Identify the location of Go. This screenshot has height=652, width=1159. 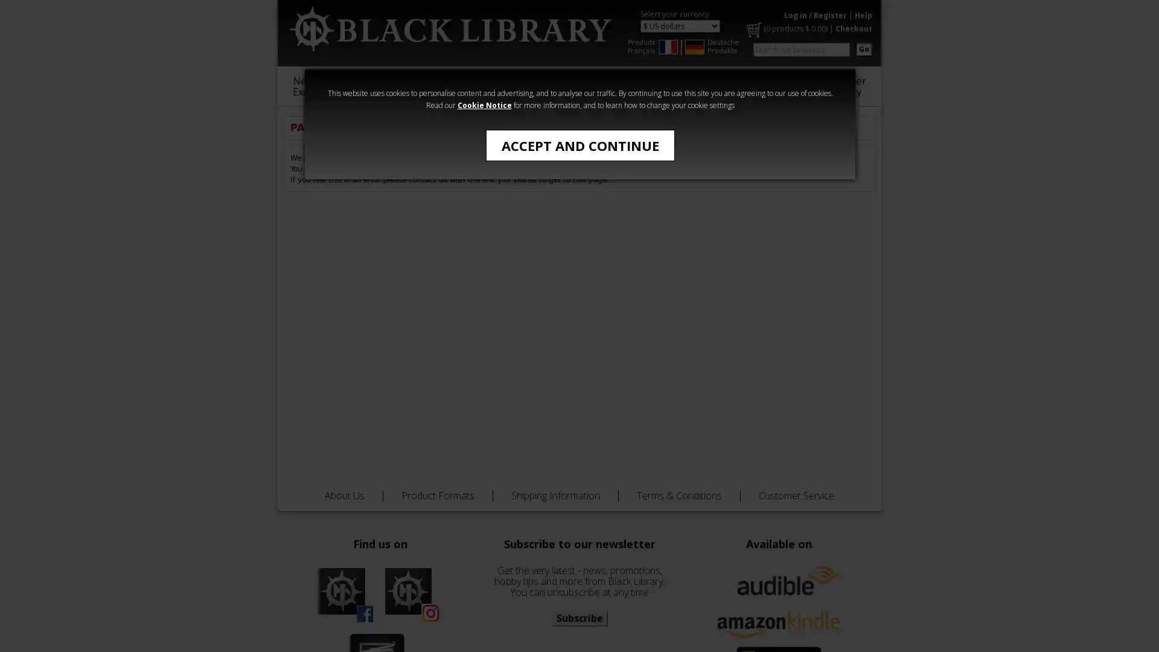
(863, 48).